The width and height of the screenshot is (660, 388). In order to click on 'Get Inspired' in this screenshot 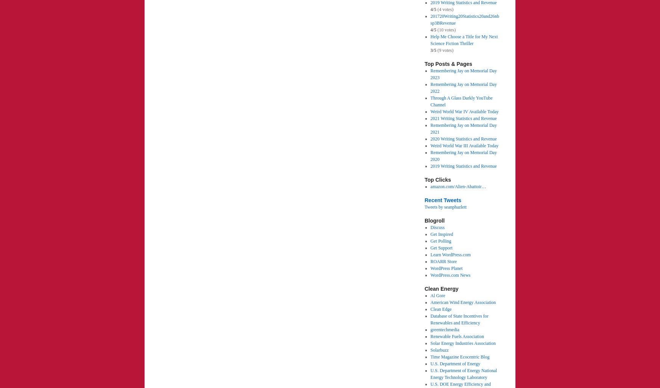, I will do `click(441, 234)`.